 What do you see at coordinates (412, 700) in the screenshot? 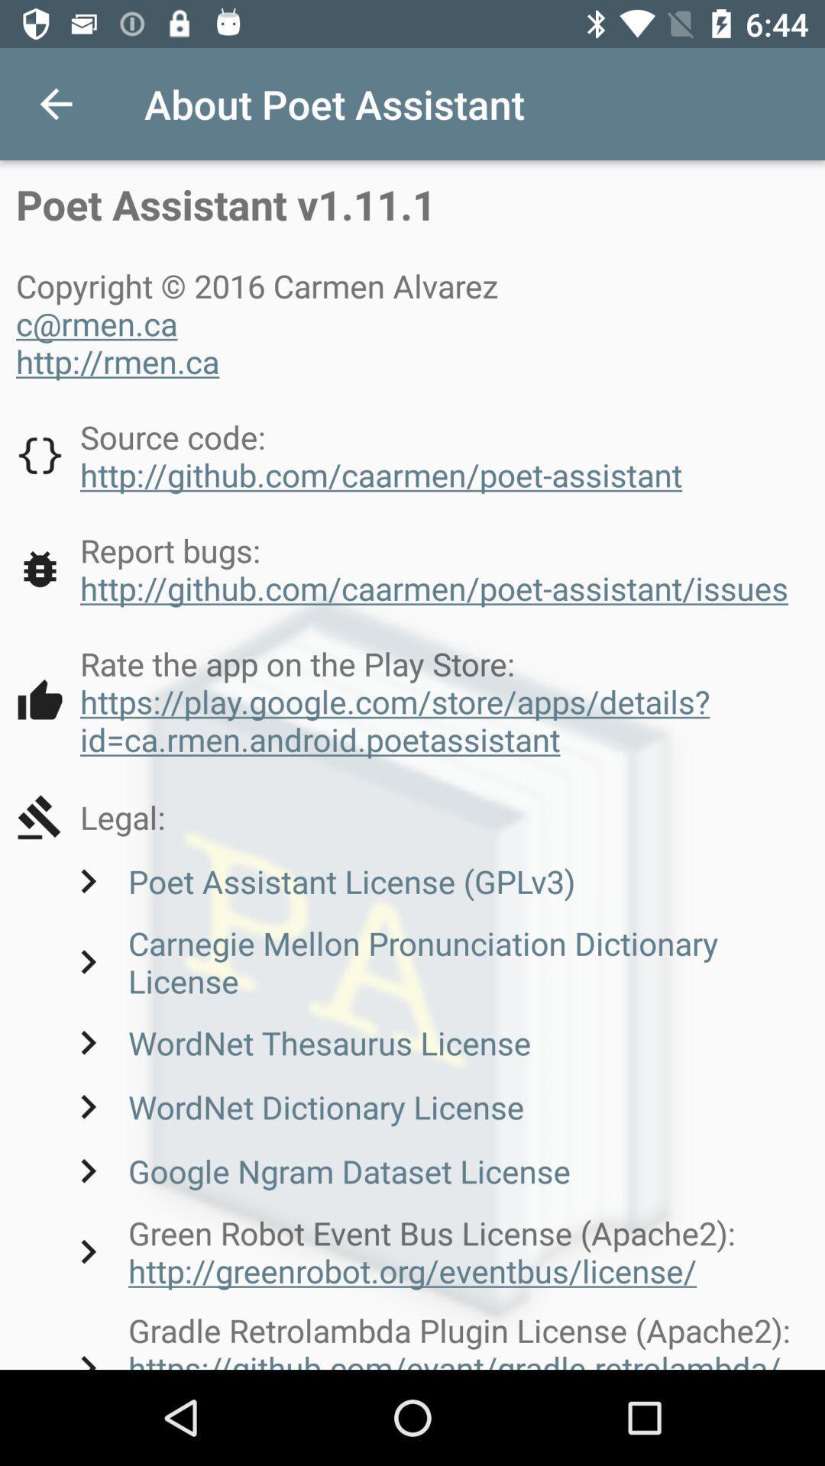
I see `it is clickable` at bounding box center [412, 700].